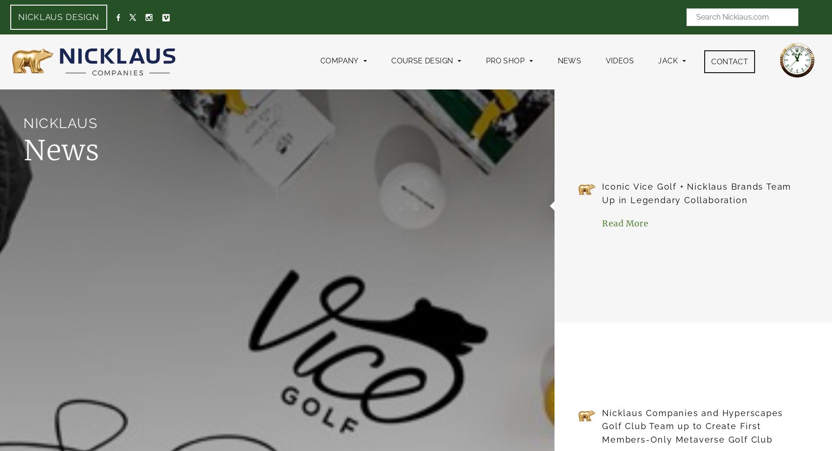  Describe the element at coordinates (339, 60) in the screenshot. I see `'Company'` at that location.